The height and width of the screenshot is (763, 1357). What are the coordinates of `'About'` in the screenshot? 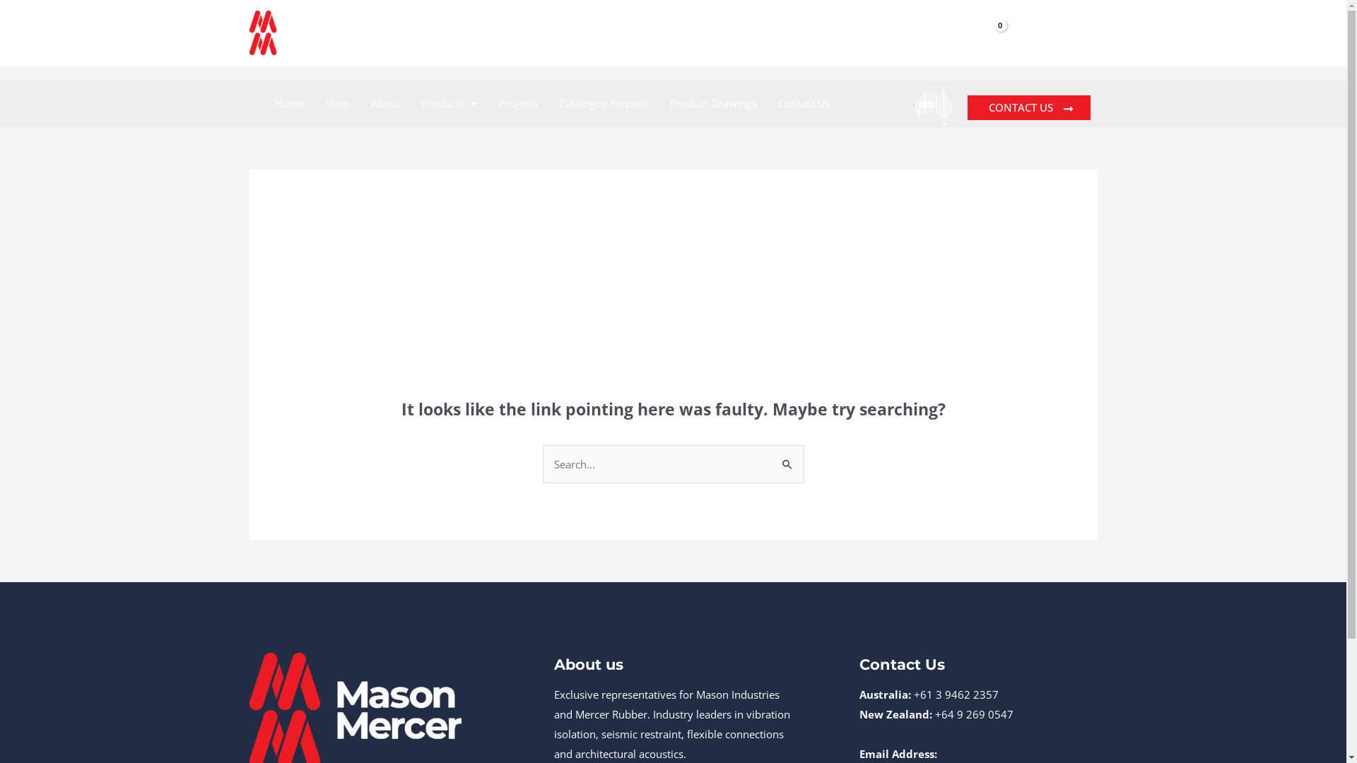 It's located at (385, 102).